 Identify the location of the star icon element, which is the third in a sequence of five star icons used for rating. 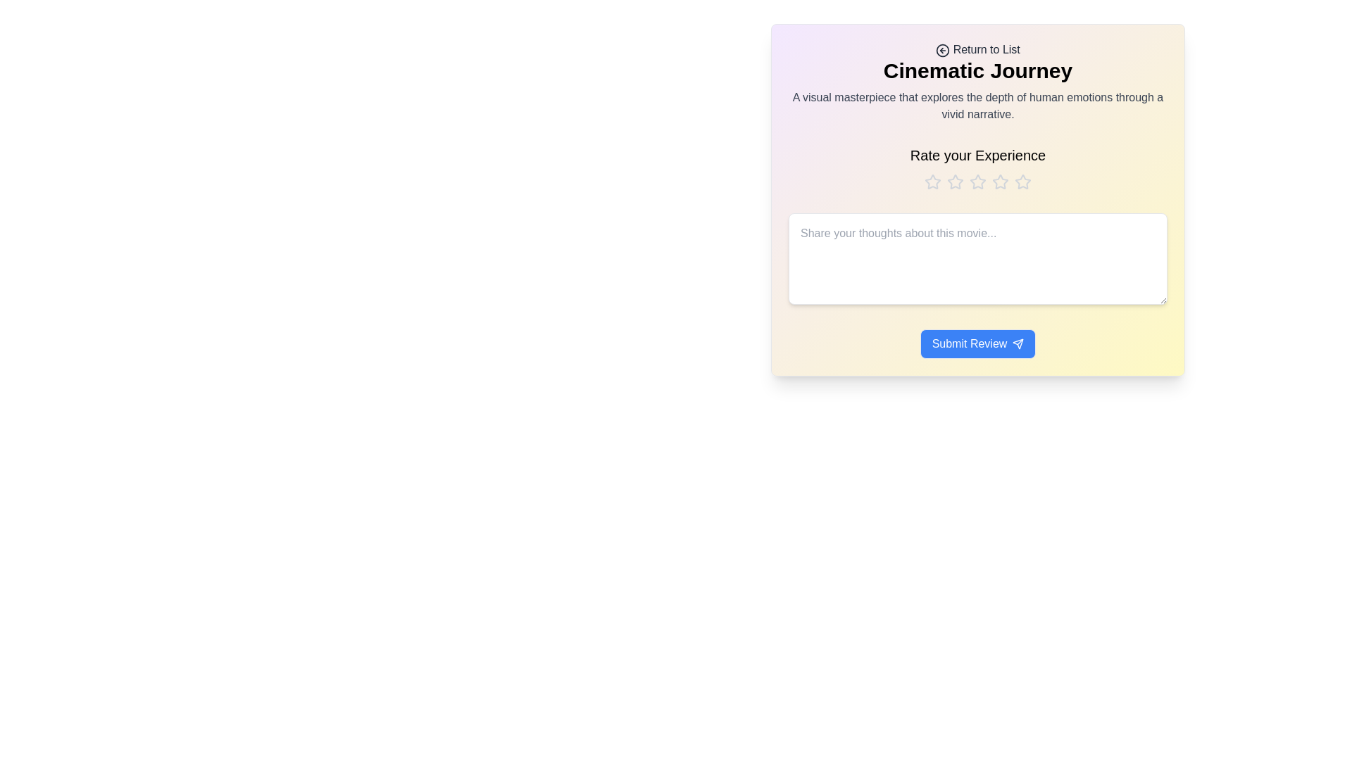
(977, 181).